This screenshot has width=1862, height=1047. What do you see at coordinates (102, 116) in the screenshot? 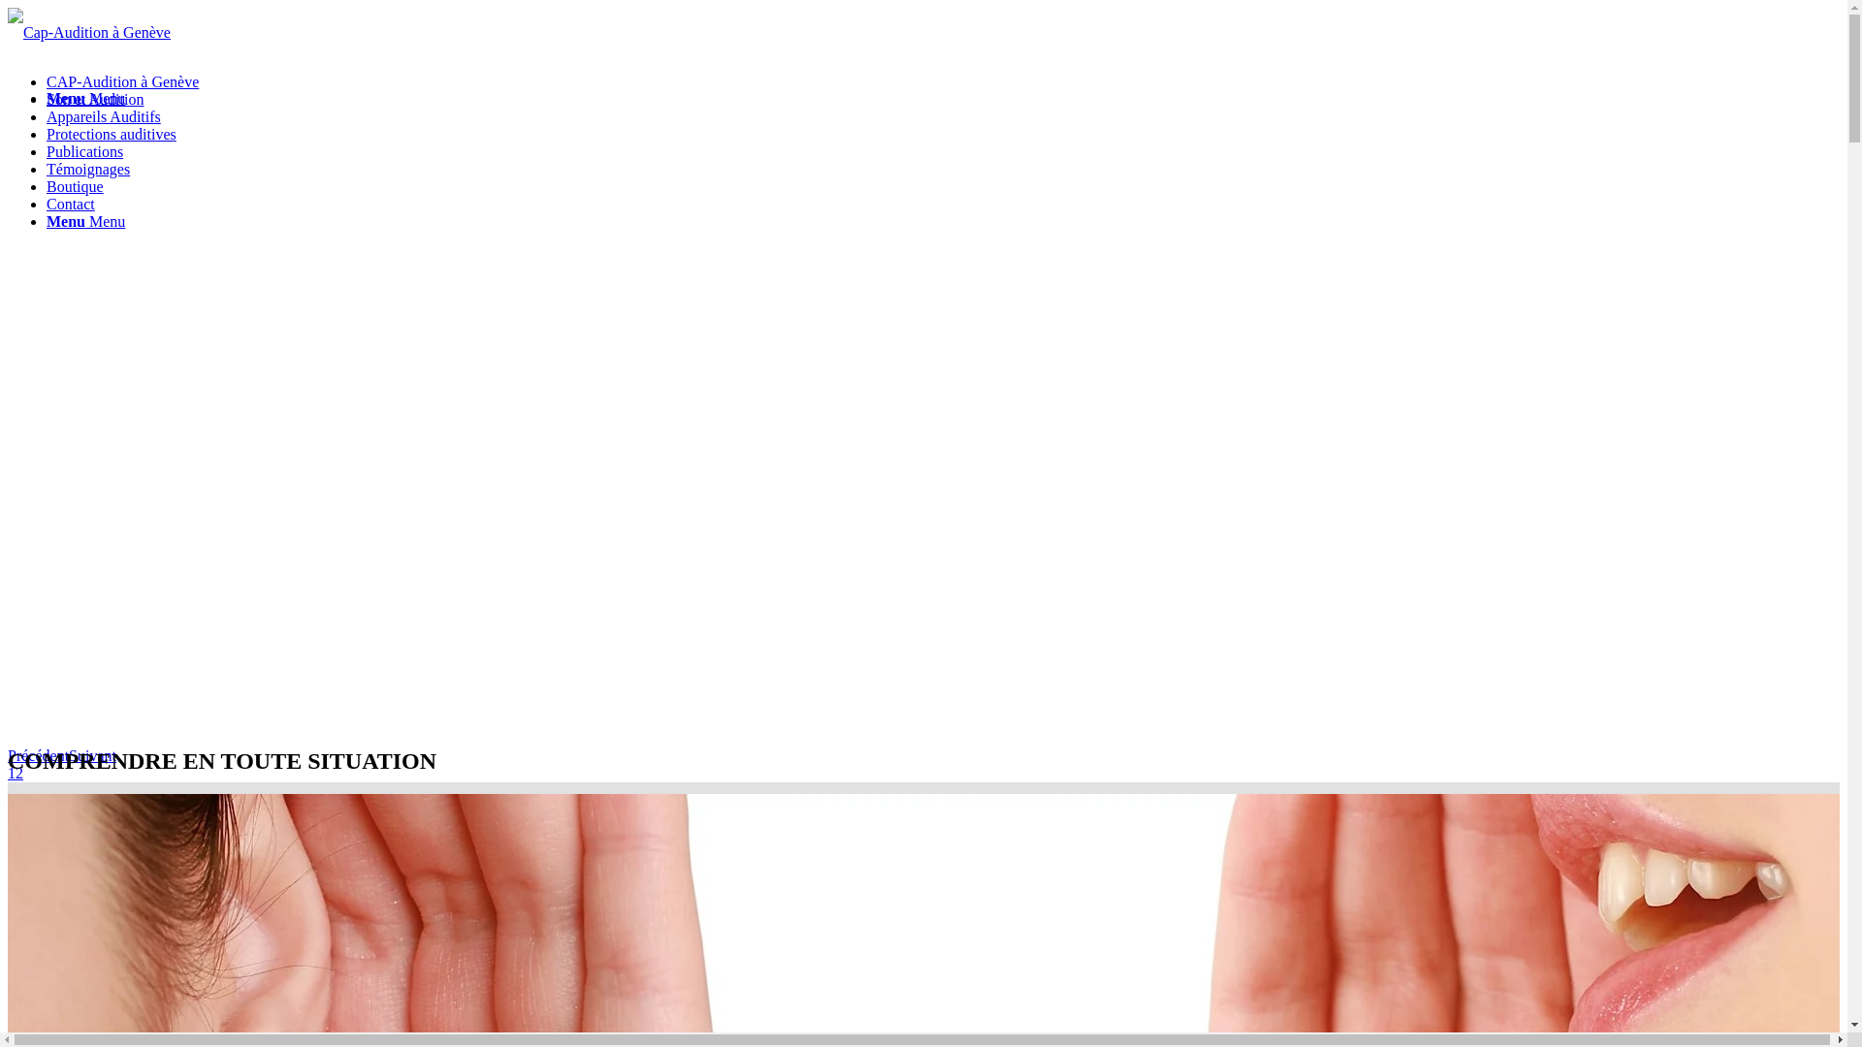
I see `'Appareils Auditifs'` at bounding box center [102, 116].